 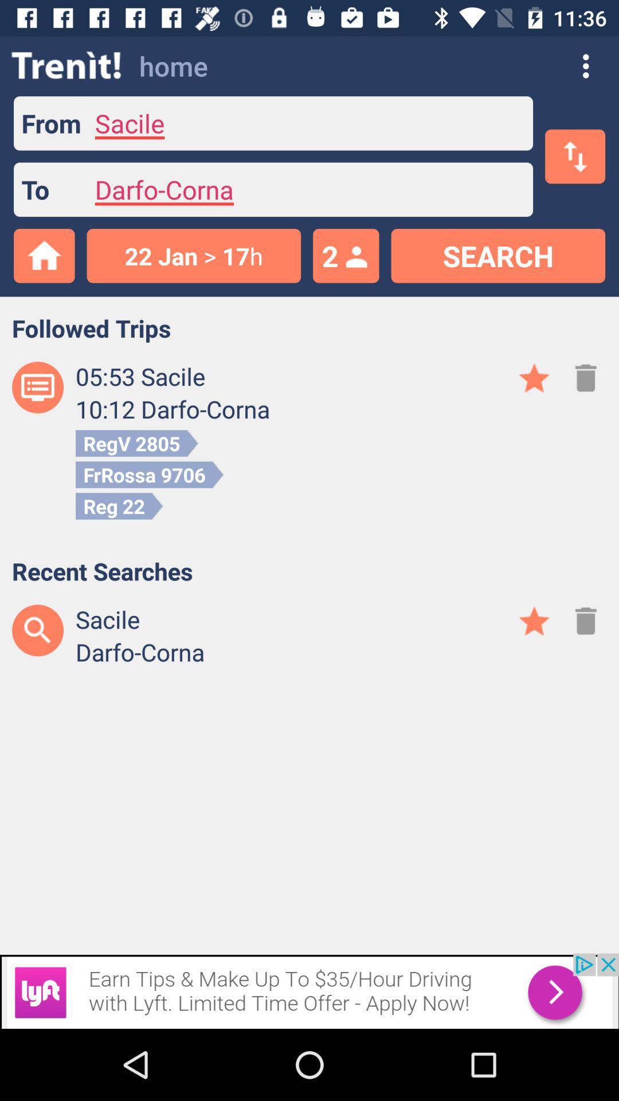 I want to click on the swap icon, so click(x=575, y=156).